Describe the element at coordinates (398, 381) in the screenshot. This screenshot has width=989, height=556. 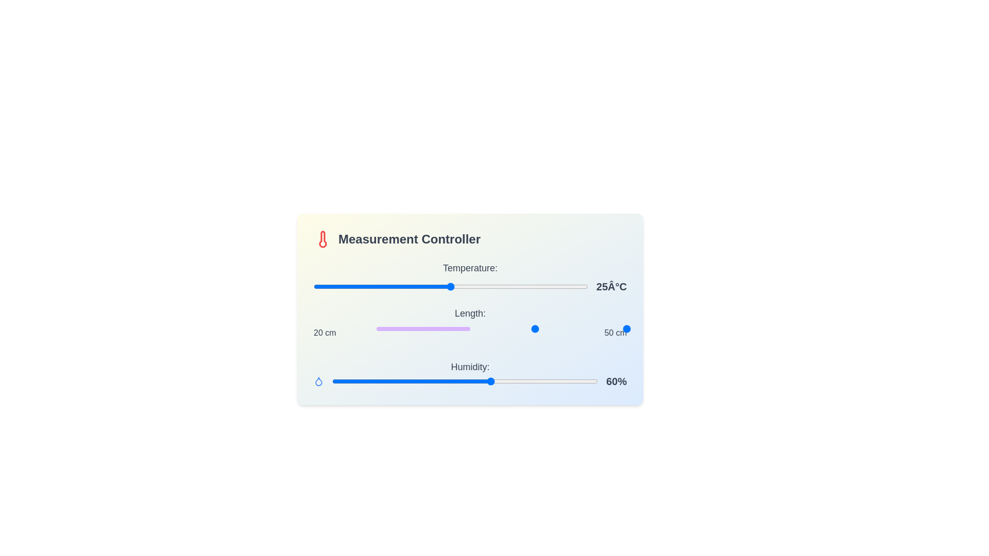
I see `the humidity level` at that location.